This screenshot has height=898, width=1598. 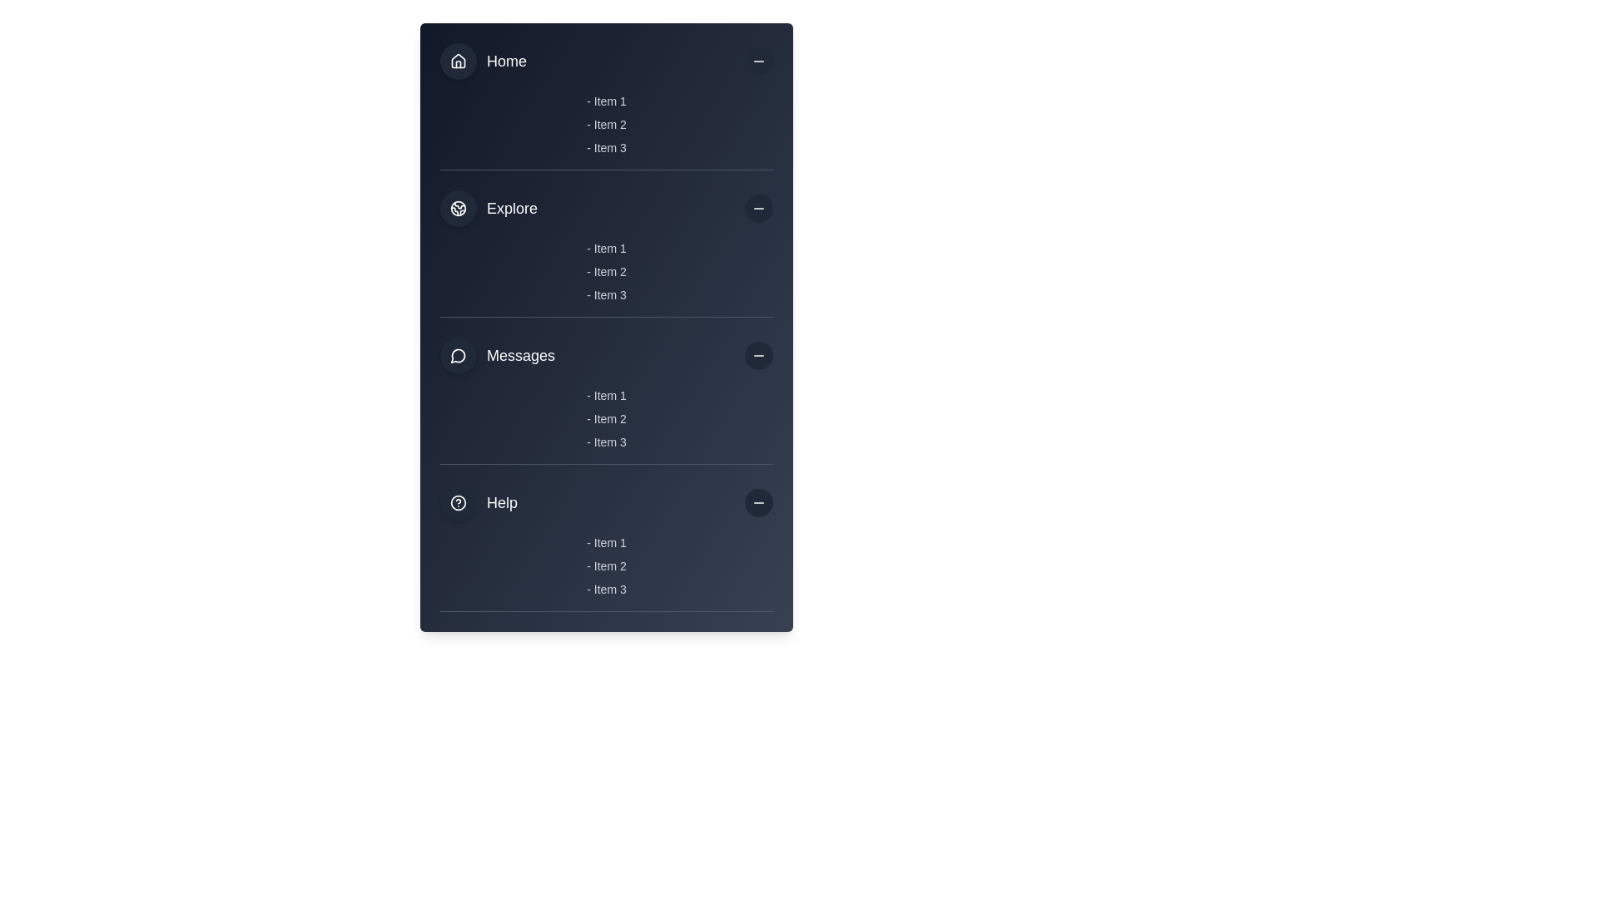 What do you see at coordinates (606, 418) in the screenshot?
I see `the second item in the 'Messages' list` at bounding box center [606, 418].